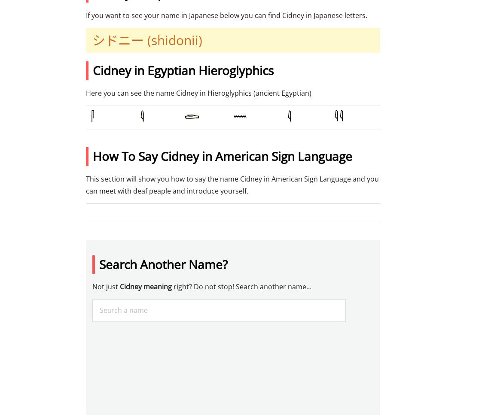 This screenshot has width=494, height=415. Describe the element at coordinates (92, 70) in the screenshot. I see `'Cidney in Egyptian Hieroglyphics'` at that location.